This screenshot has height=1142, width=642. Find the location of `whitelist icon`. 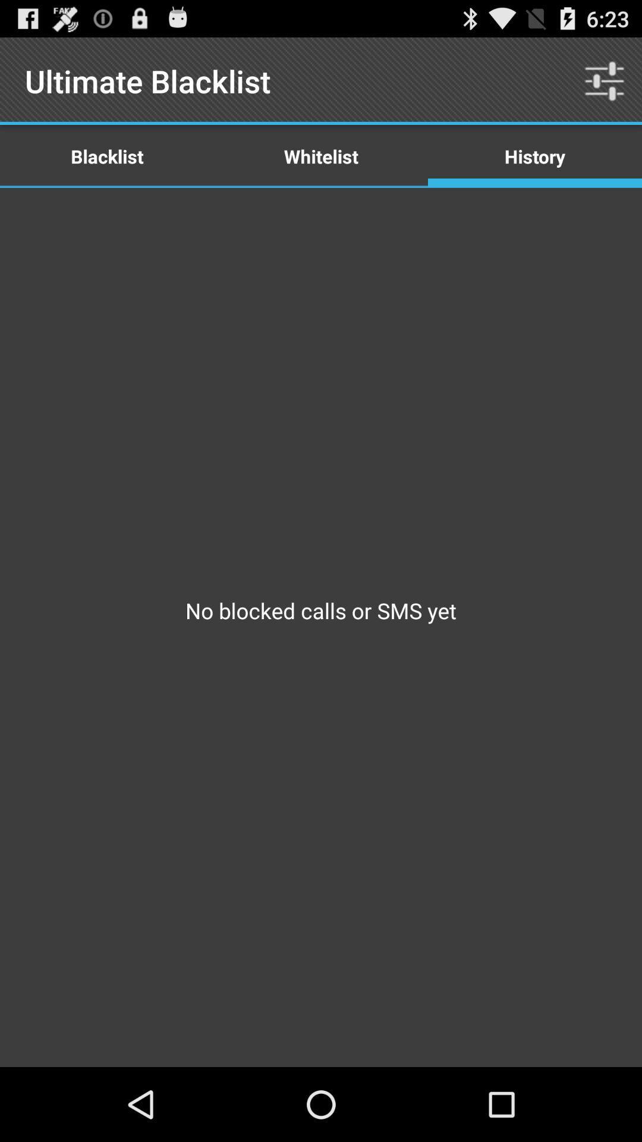

whitelist icon is located at coordinates (321, 155).